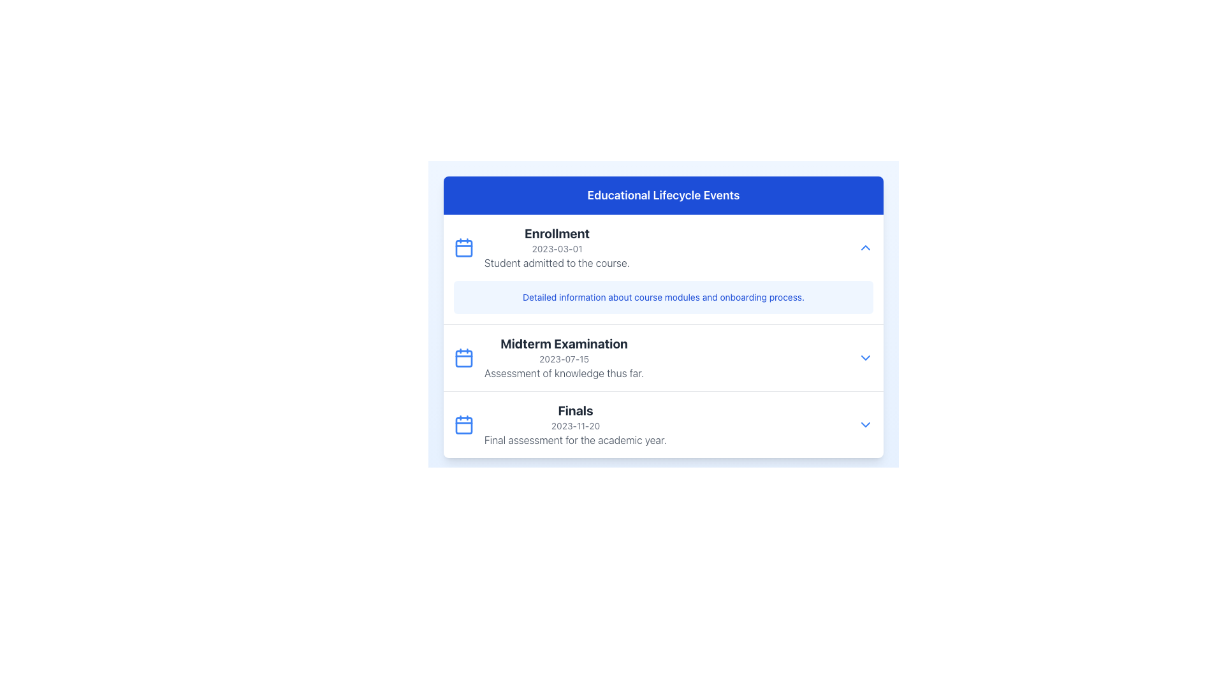 This screenshot has height=688, width=1224. What do you see at coordinates (560, 425) in the screenshot?
I see `the Information List Item that describes the final assessment scheduled for 2023-11-20, which is the third entry under 'Educational Lifecycle Events' and features a blue calendar icon, the title 'Finals,' and a description below it` at bounding box center [560, 425].